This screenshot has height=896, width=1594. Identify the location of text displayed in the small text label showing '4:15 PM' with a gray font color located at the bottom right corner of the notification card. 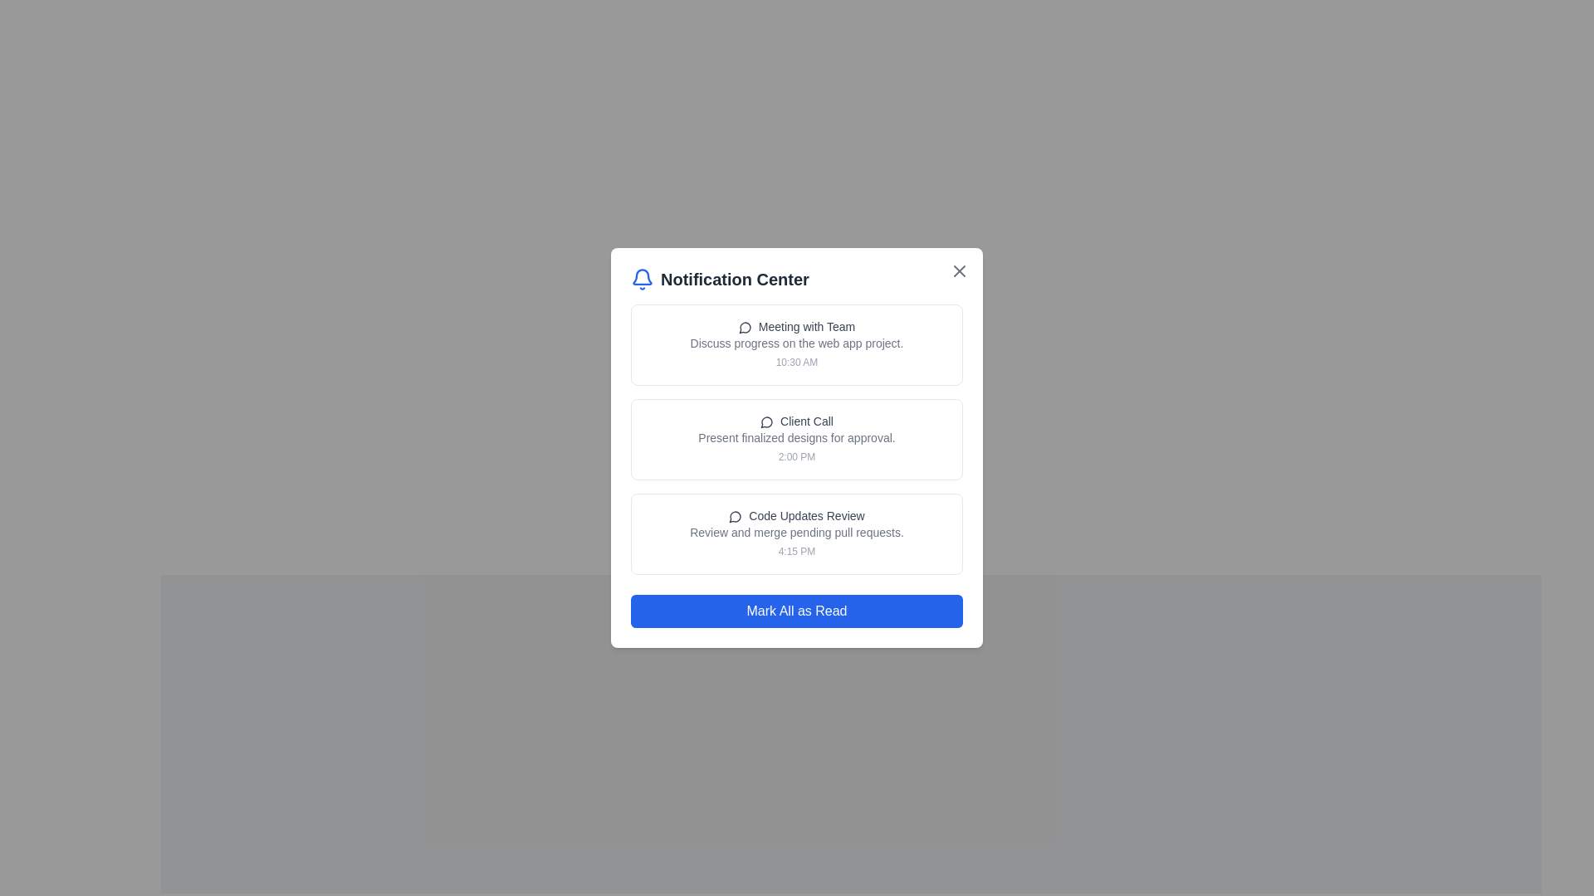
(797, 551).